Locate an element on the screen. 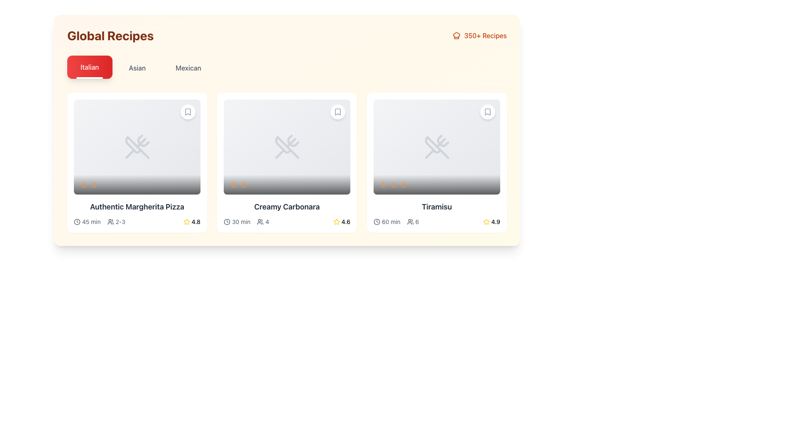 This screenshot has width=797, height=448. the card titled 'Authentic Margherita Pizza' located under the 'Italian' tab is located at coordinates (137, 163).